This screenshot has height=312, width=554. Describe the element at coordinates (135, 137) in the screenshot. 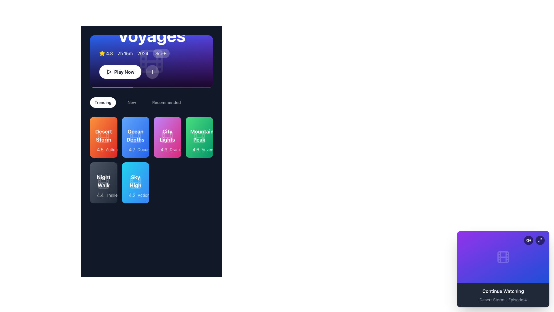

I see `the vertical card component displaying 'Ocean Depths' with subtext '4.7 Documentary'` at that location.